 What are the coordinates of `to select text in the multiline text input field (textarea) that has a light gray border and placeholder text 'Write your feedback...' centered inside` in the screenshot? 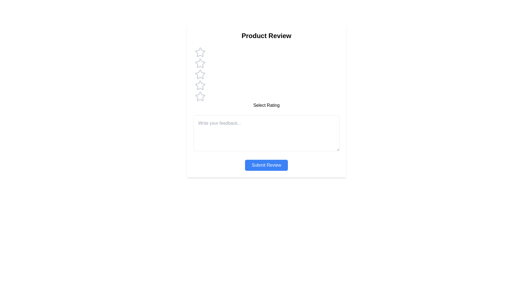 It's located at (266, 133).